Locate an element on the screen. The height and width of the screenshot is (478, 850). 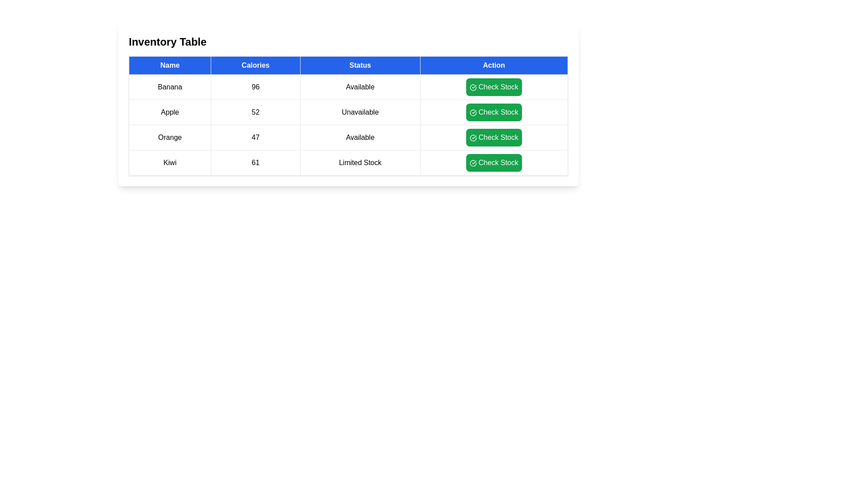
the header column Action to sort the table by that column is located at coordinates (493, 65).